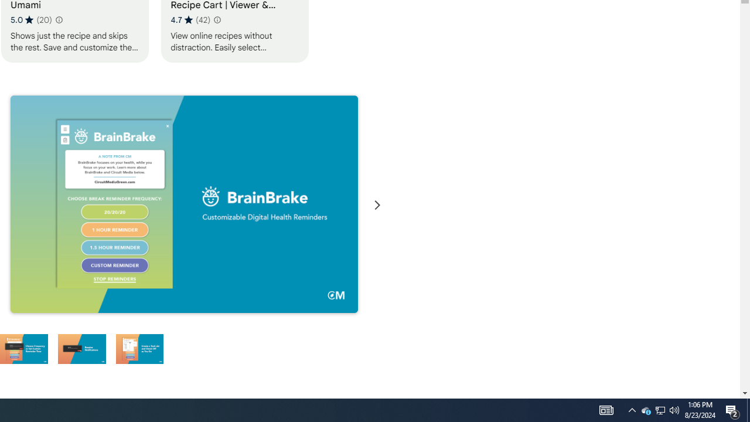 This screenshot has height=422, width=750. What do you see at coordinates (57, 20) in the screenshot?
I see `'Learn more about results and reviews "Umami"'` at bounding box center [57, 20].